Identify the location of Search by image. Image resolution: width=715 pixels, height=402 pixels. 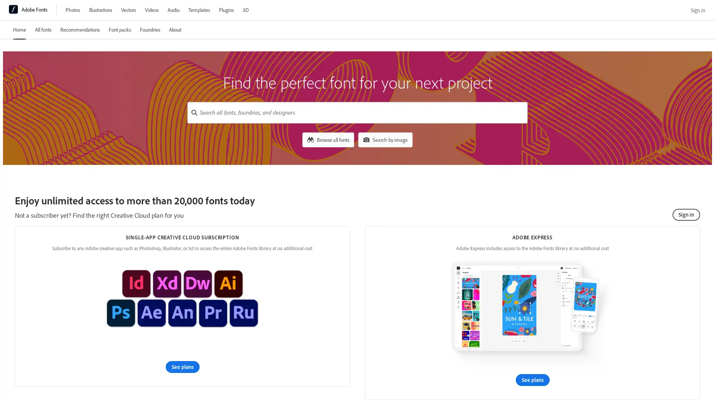
(385, 139).